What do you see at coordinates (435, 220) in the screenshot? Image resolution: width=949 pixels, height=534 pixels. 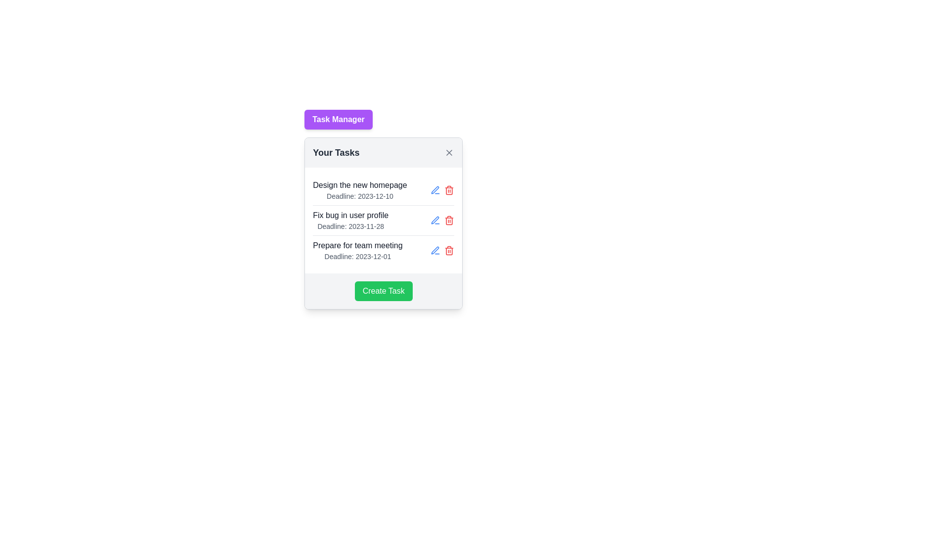 I see `the blue edit icon located on the right side of the second task entry titled 'Fix bug in user profile' to observe visual changes` at bounding box center [435, 220].